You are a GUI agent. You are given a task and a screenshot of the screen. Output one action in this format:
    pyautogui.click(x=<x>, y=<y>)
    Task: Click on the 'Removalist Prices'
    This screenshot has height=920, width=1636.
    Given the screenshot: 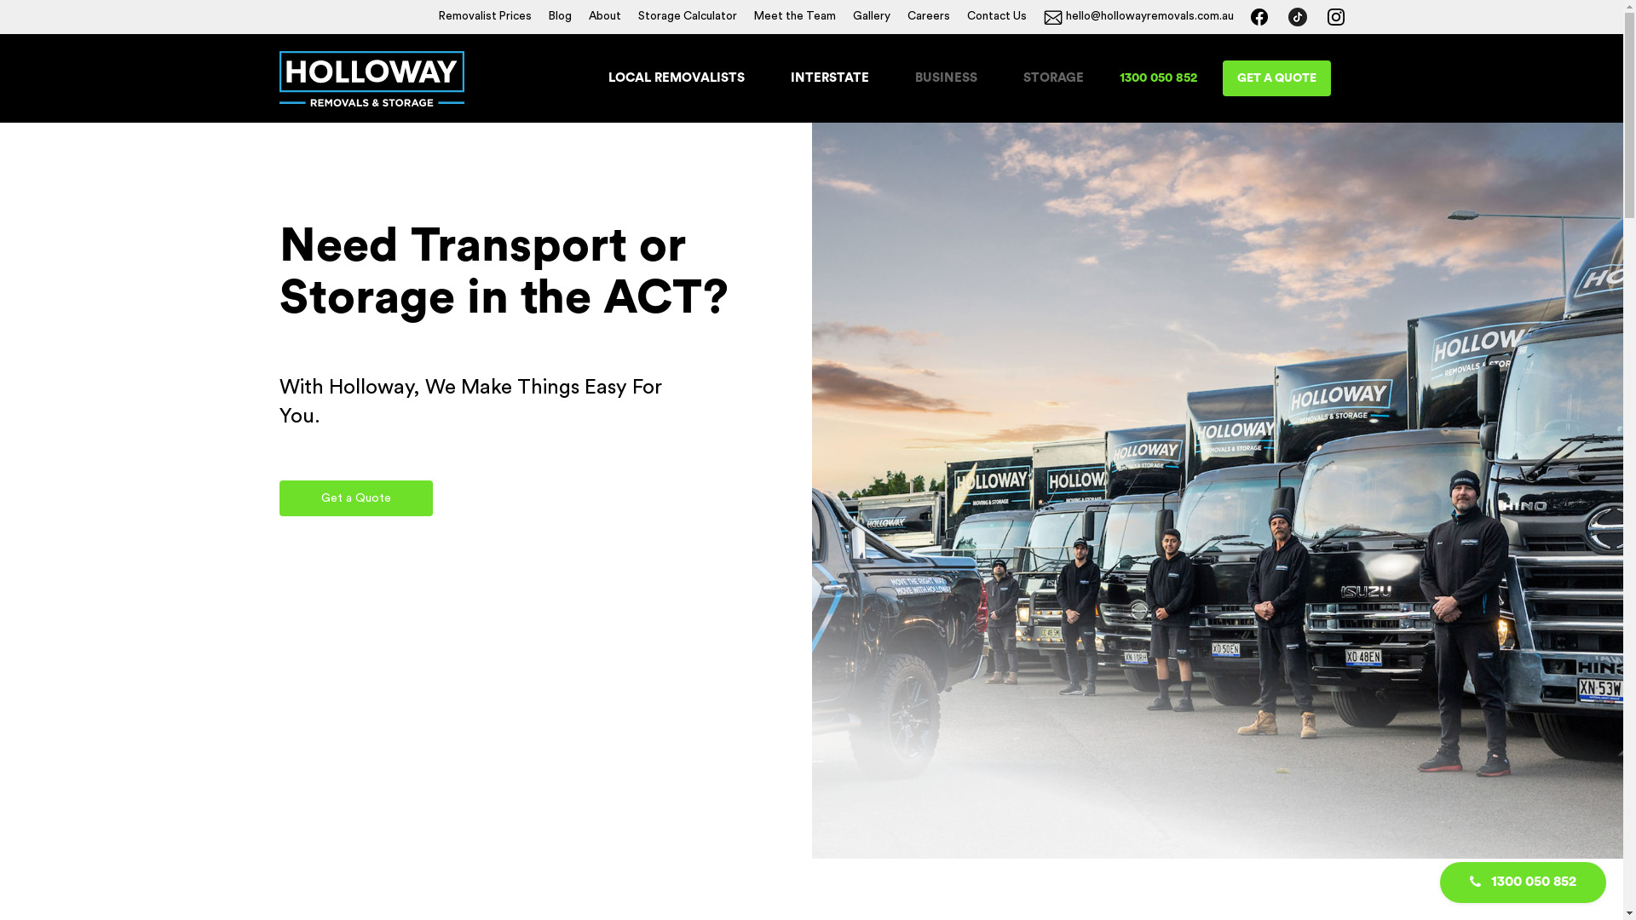 What is the action you would take?
    pyautogui.click(x=436, y=16)
    